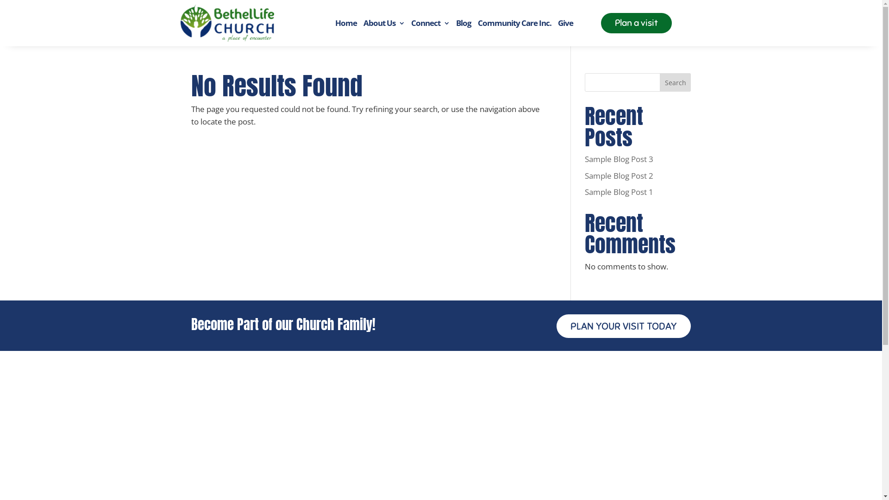 The image size is (889, 500). Describe the element at coordinates (659, 81) in the screenshot. I see `'Search'` at that location.